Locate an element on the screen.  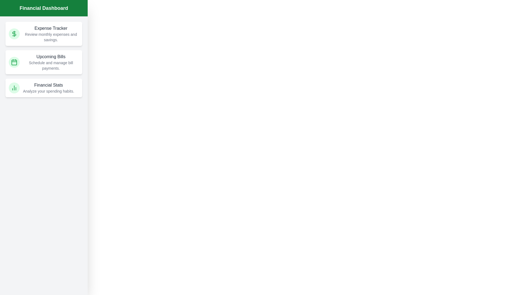
the icon next to the Expense Tracker item is located at coordinates (14, 34).